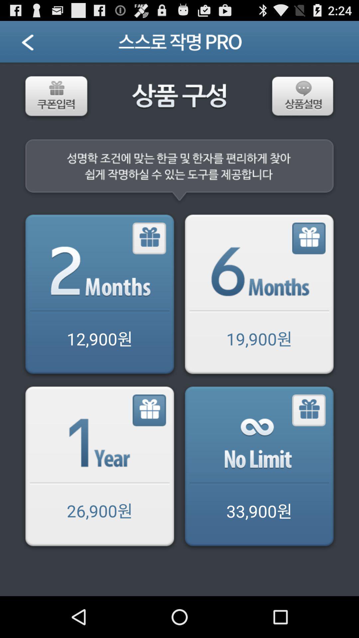 The height and width of the screenshot is (638, 359). Describe the element at coordinates (150, 239) in the screenshot. I see `share the article` at that location.